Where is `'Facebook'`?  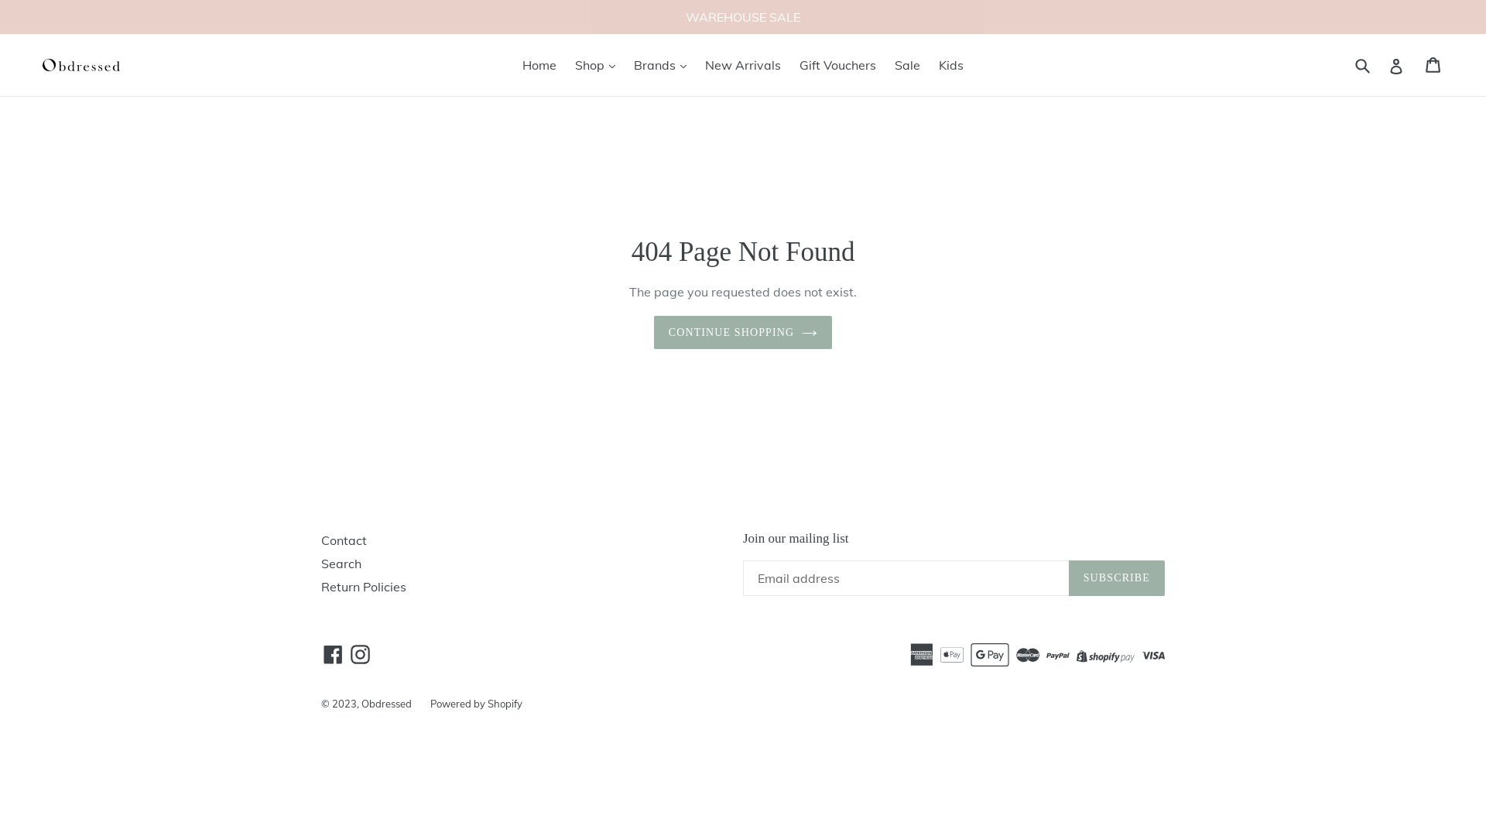
'Facebook' is located at coordinates (332, 653).